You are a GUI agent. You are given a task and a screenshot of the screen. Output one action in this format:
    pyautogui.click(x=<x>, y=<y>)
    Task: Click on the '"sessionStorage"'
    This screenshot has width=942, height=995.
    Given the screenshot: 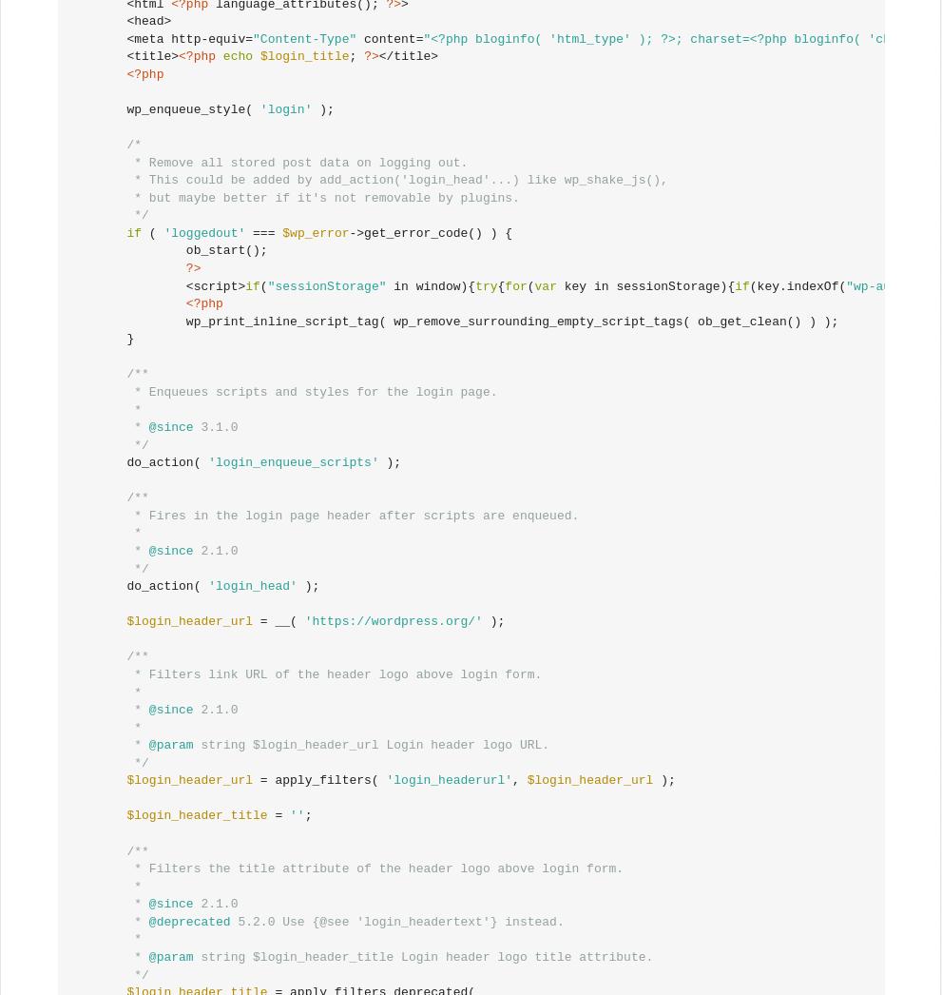 What is the action you would take?
    pyautogui.click(x=326, y=285)
    